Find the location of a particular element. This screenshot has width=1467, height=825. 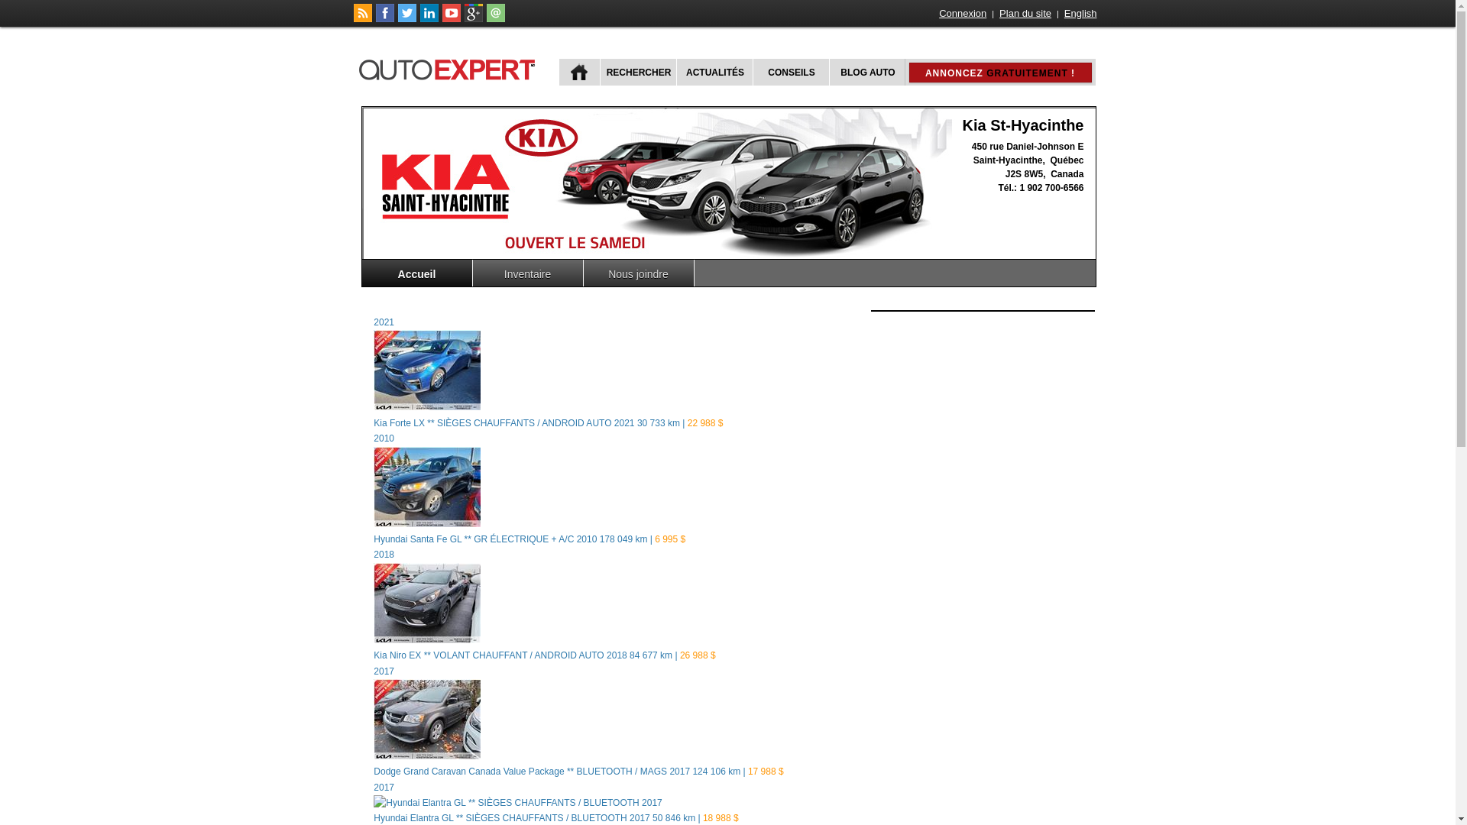

'CONSEILS' is located at coordinates (789, 72).